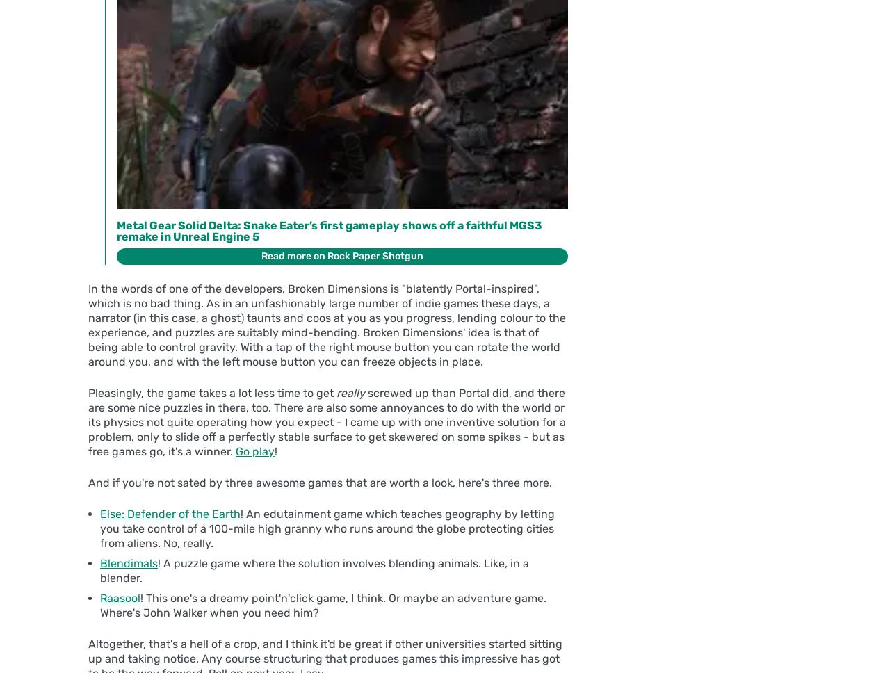 The height and width of the screenshot is (673, 876). Describe the element at coordinates (342, 255) in the screenshot. I see `'Read more on Rock Paper Shotgun'` at that location.